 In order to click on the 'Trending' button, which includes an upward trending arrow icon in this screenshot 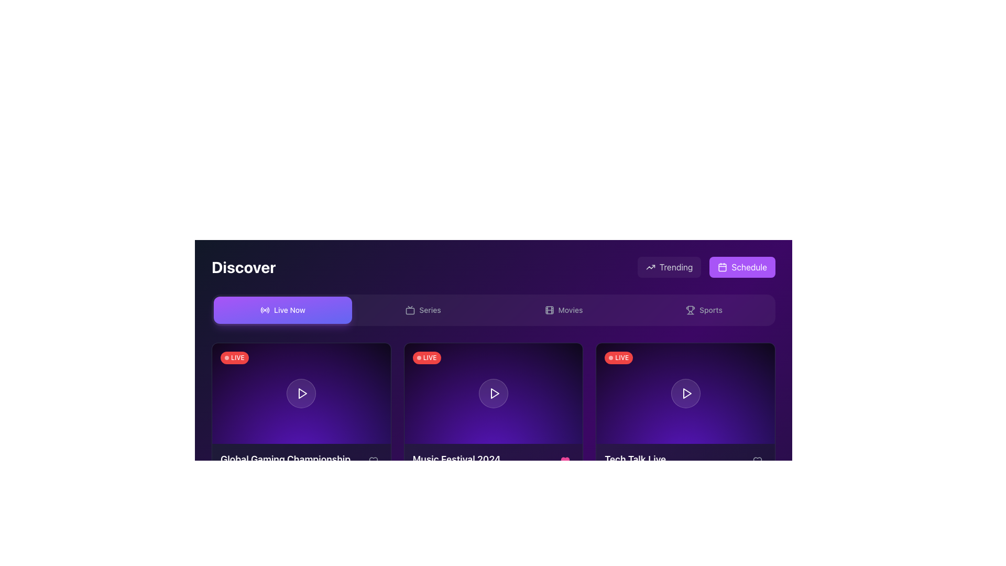, I will do `click(650, 266)`.